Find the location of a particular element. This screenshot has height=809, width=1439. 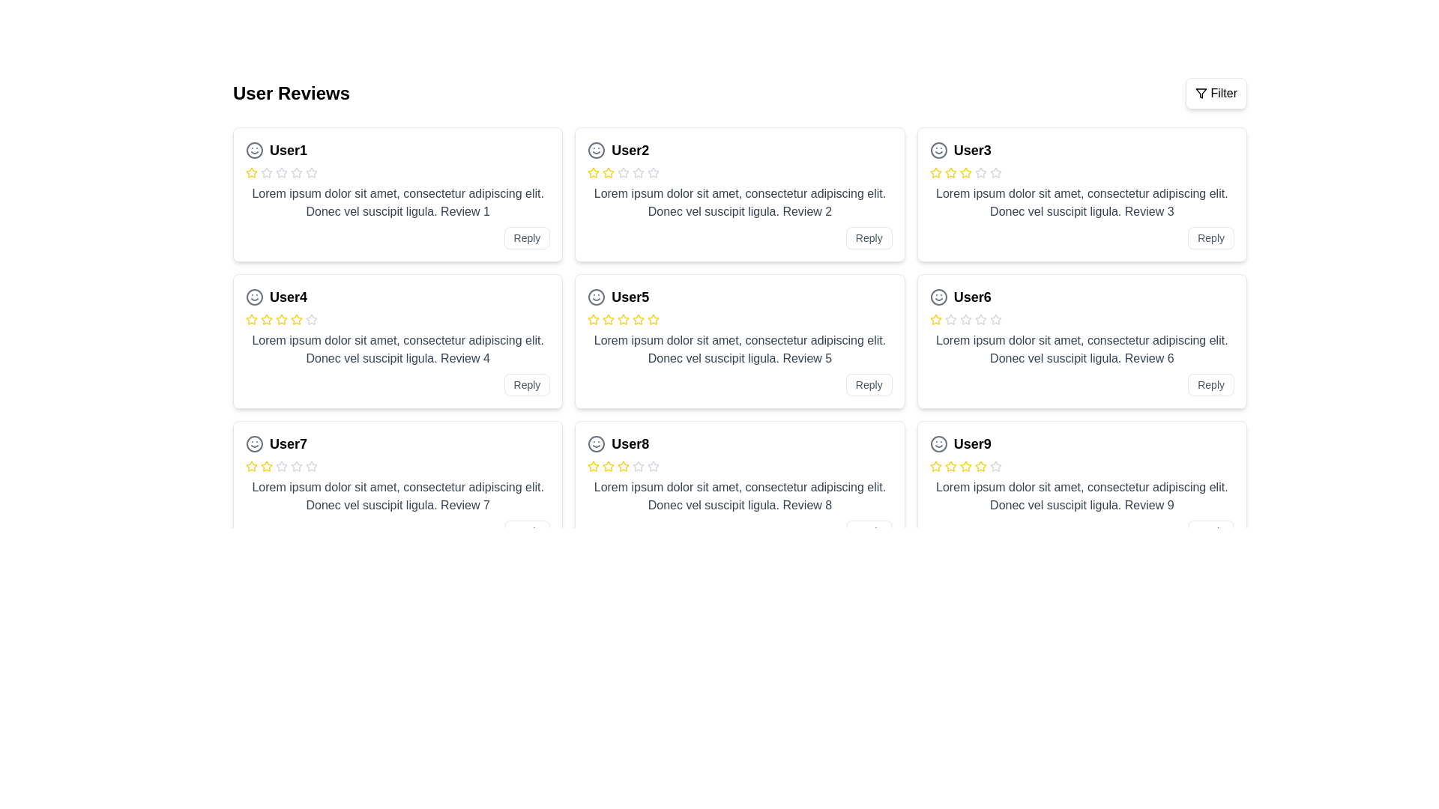

the first yellow star icon in the review card for 'User6', which represents a rating feature is located at coordinates (935, 318).